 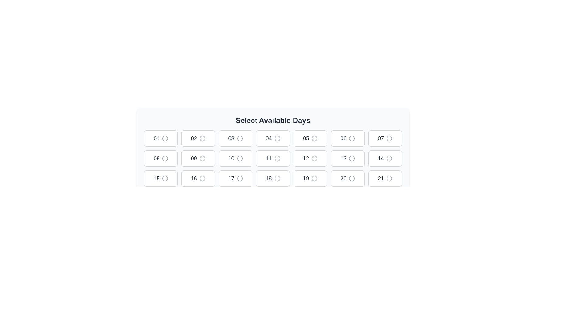 What do you see at coordinates (268, 178) in the screenshot?
I see `the text label '18' in the button` at bounding box center [268, 178].